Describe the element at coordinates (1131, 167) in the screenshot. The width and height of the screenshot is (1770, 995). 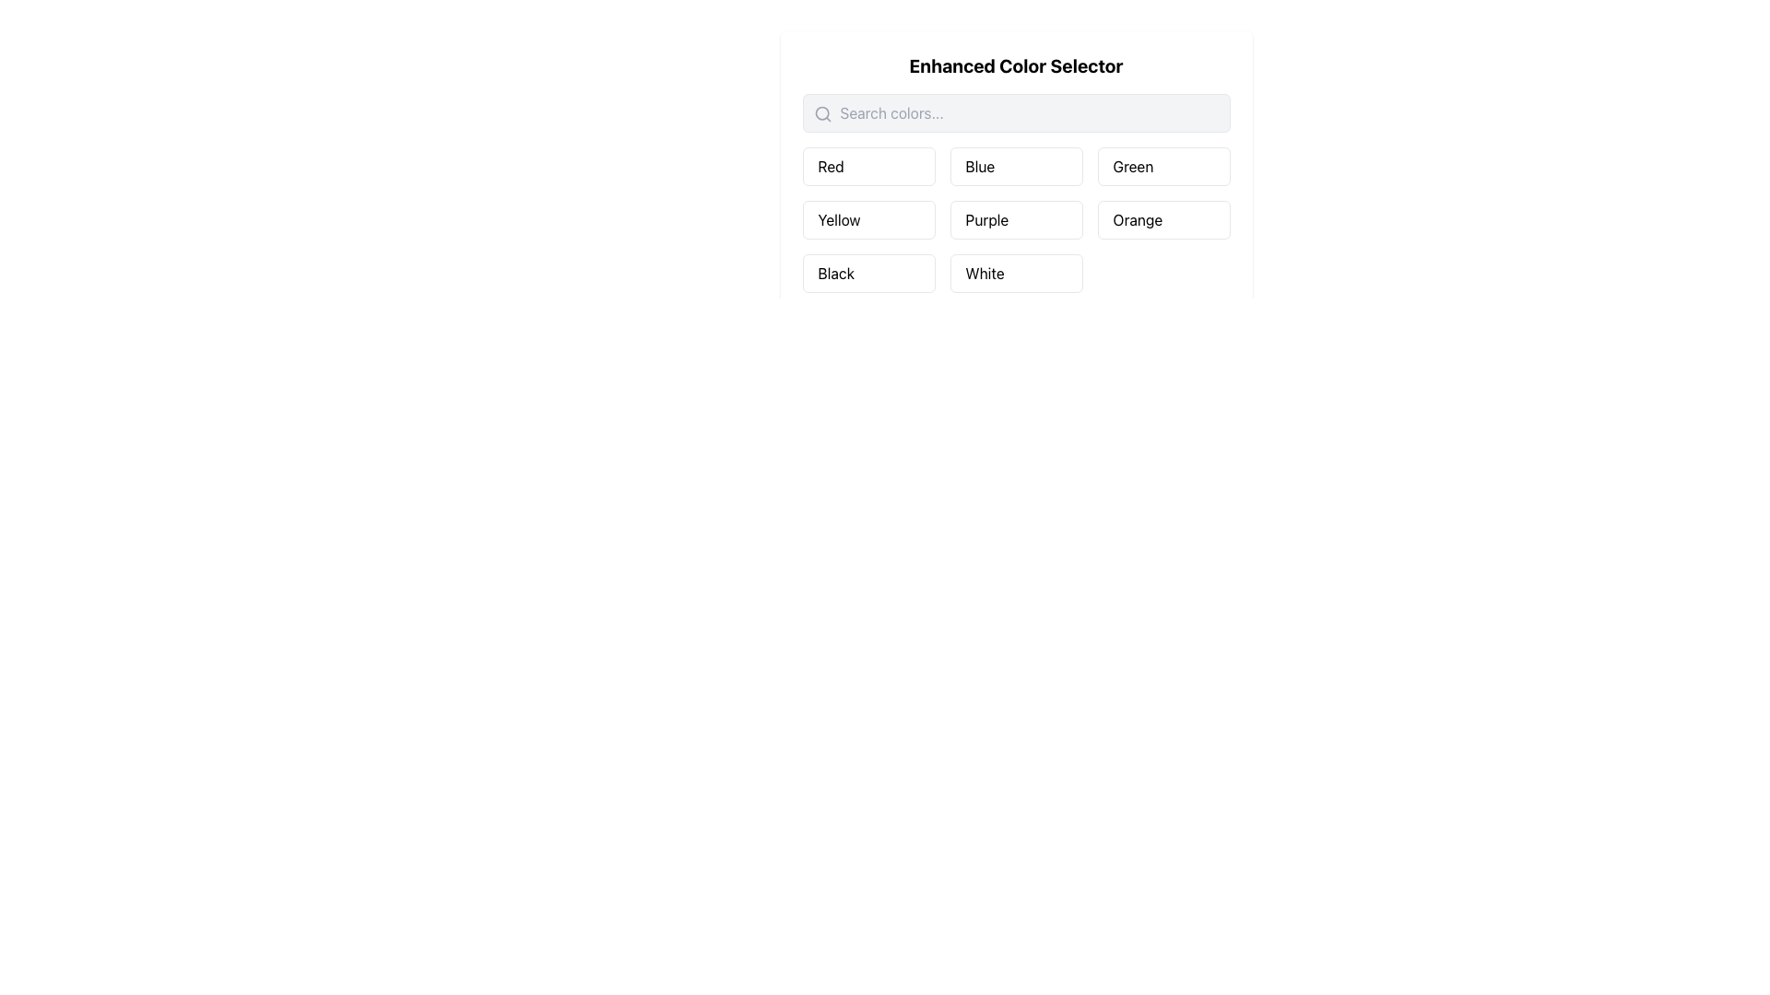
I see `the selectable label for the 'Green' option in the Enhanced Color Selector dialog` at that location.